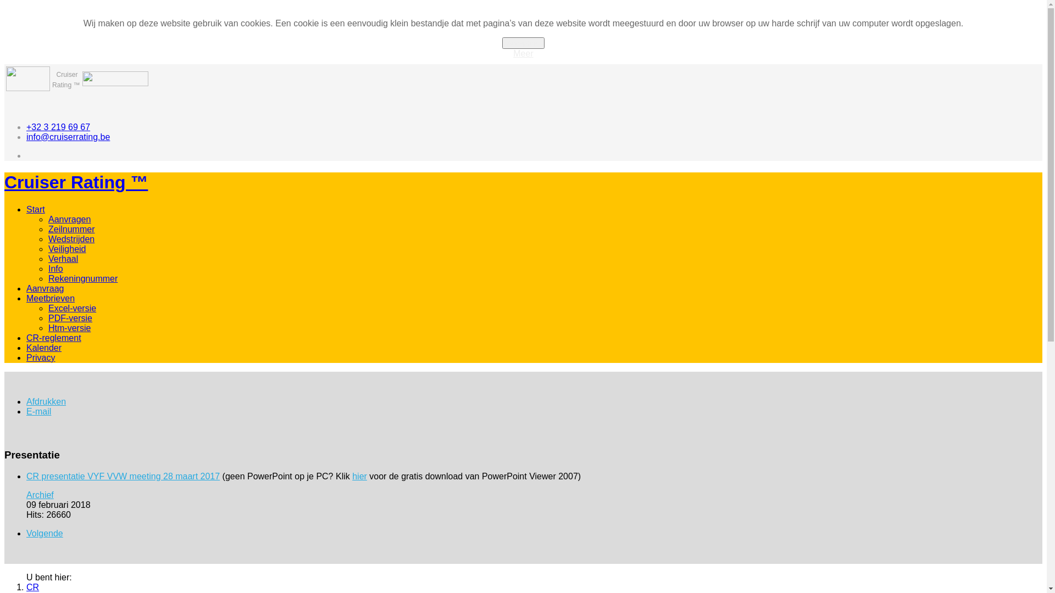 This screenshot has height=593, width=1055. Describe the element at coordinates (55, 268) in the screenshot. I see `'Info'` at that location.